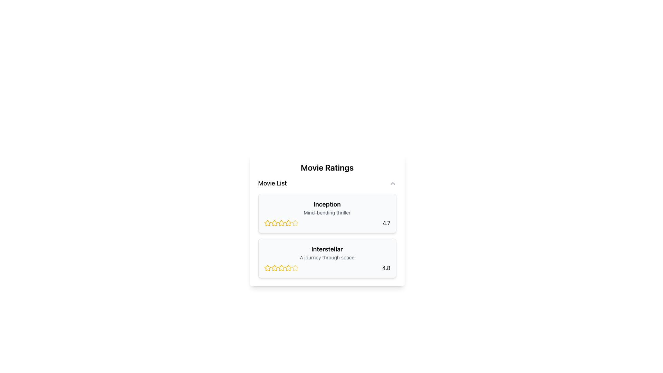 This screenshot has height=373, width=663. Describe the element at coordinates (281, 267) in the screenshot. I see `the third star in the 5-star rating system for the movie 'Interstellar' to rate it` at that location.